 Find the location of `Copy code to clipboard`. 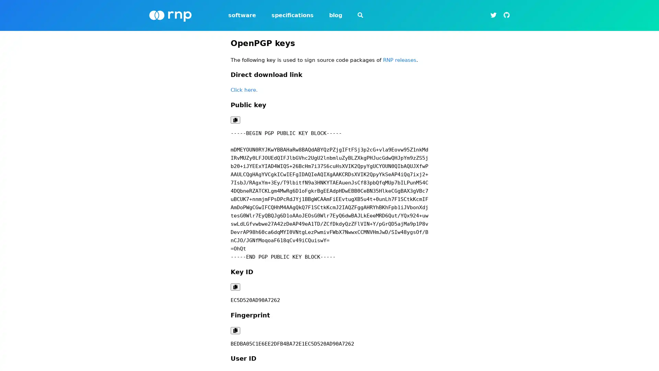

Copy code to clipboard is located at coordinates (235, 287).